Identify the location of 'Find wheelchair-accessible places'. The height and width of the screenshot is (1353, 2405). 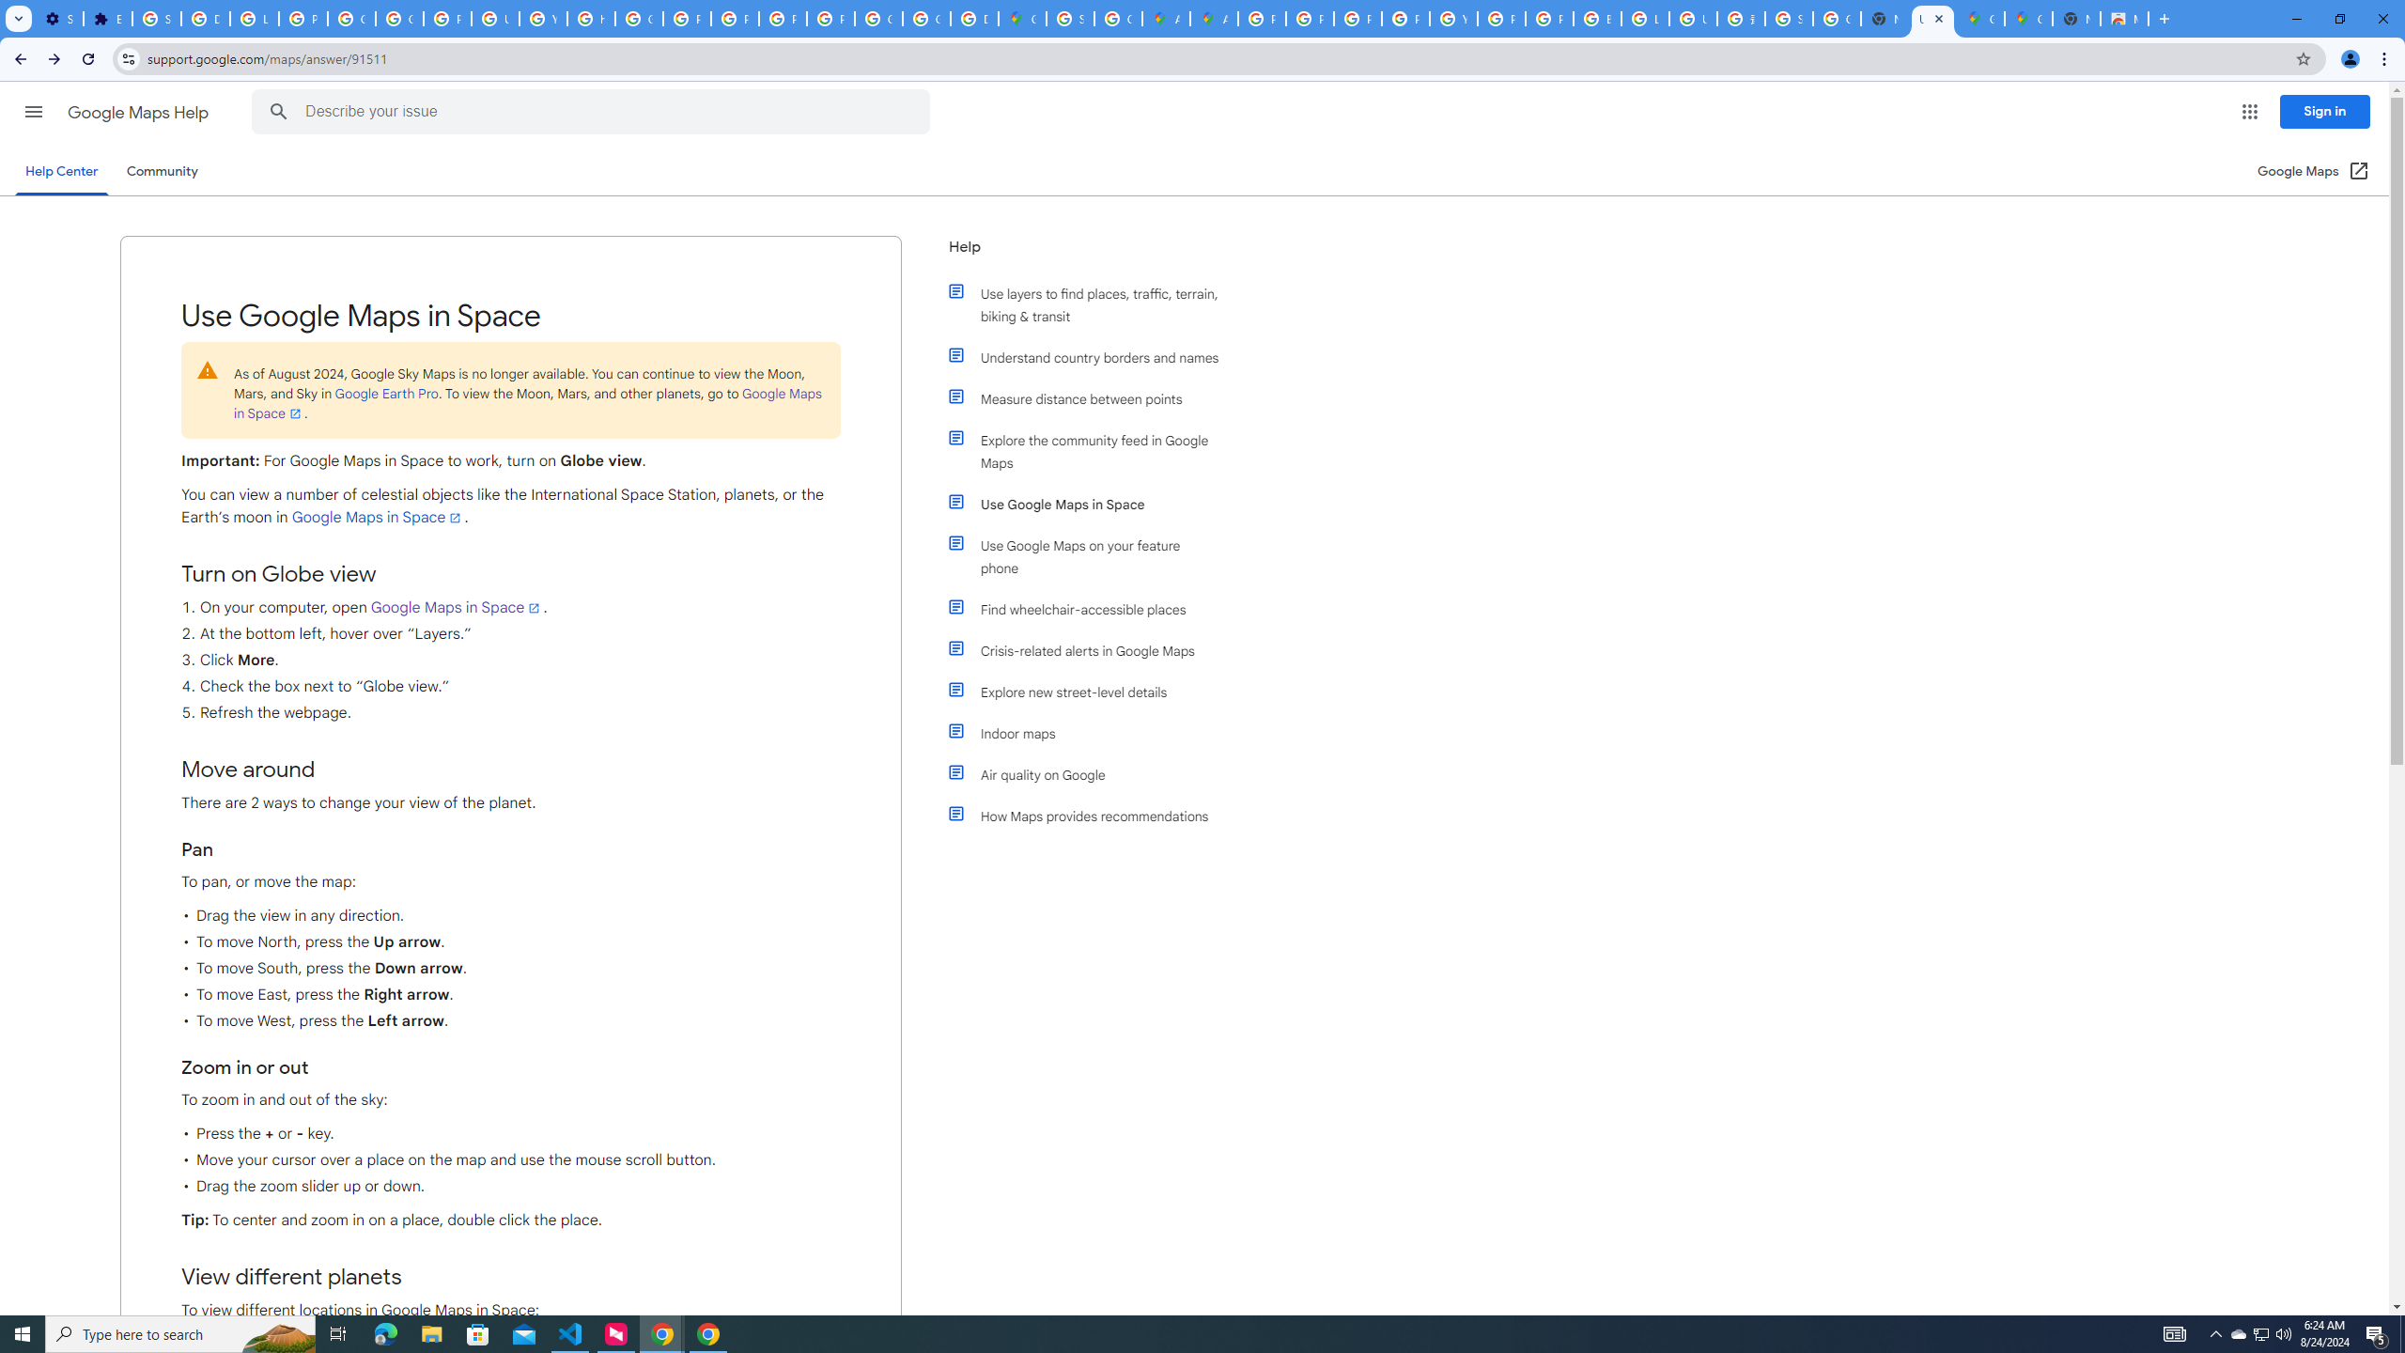
(1092, 608).